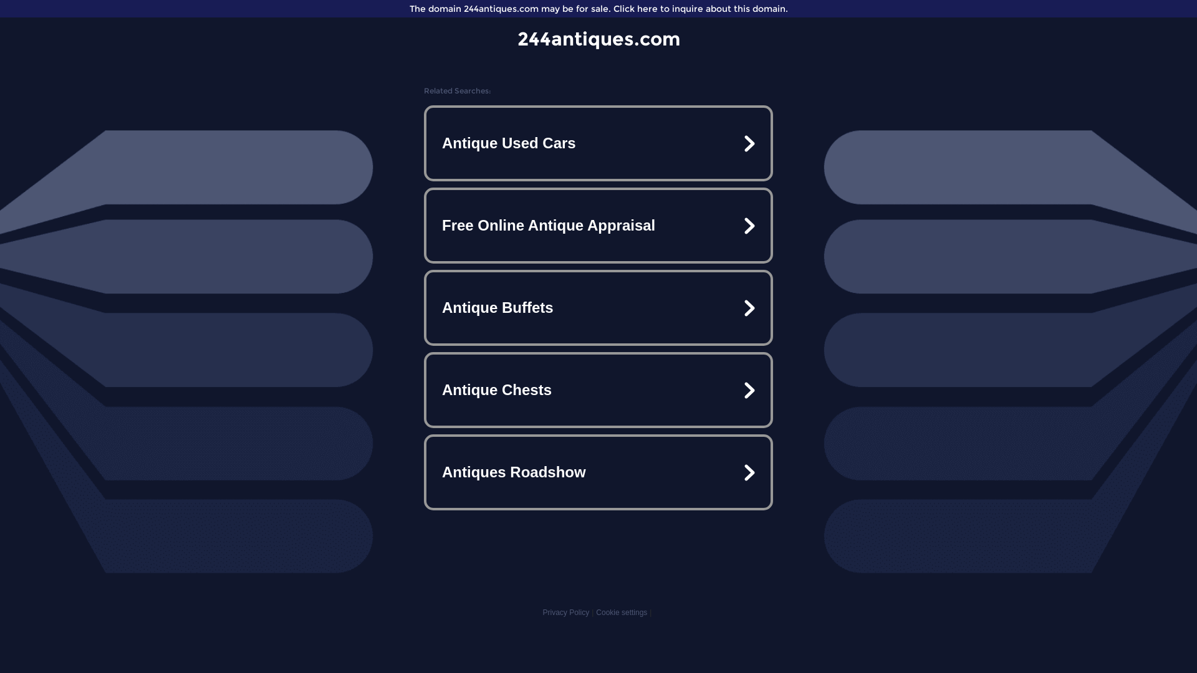  I want to click on 'Privacy Policy', so click(565, 612).